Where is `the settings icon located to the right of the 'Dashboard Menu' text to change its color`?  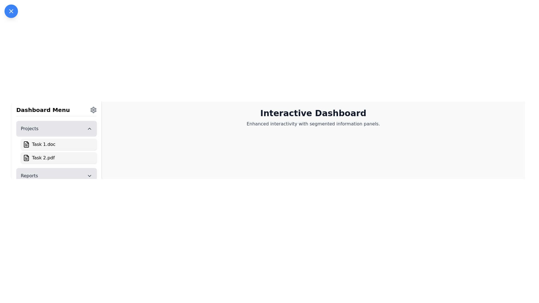
the settings icon located to the right of the 'Dashboard Menu' text to change its color is located at coordinates (93, 110).